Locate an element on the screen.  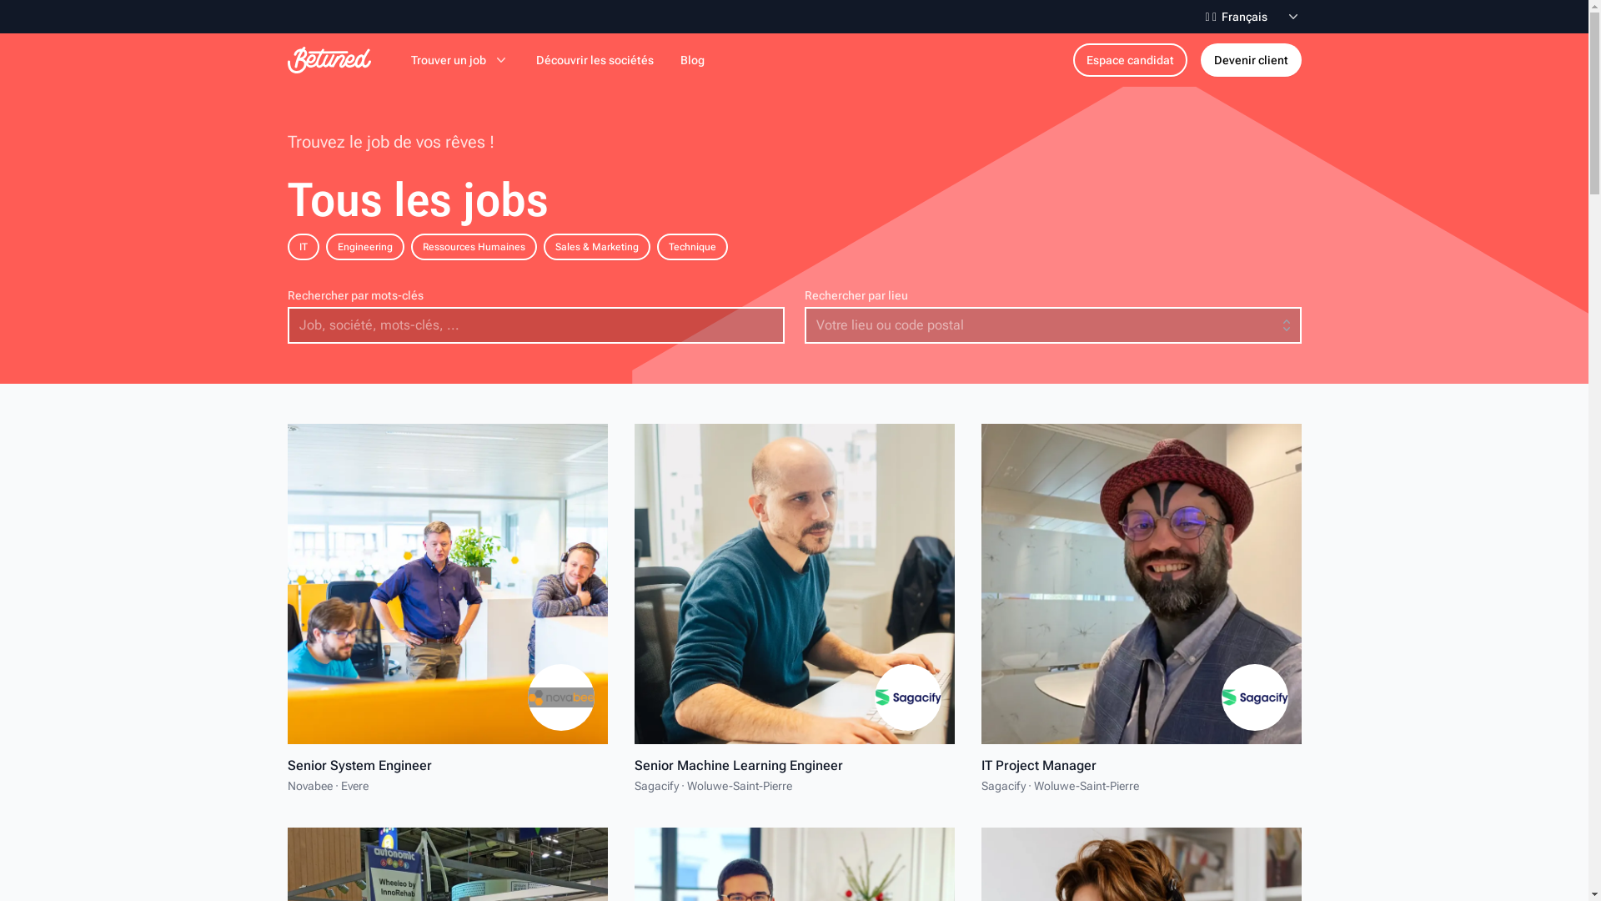
'Trouver un job' is located at coordinates (459, 59).